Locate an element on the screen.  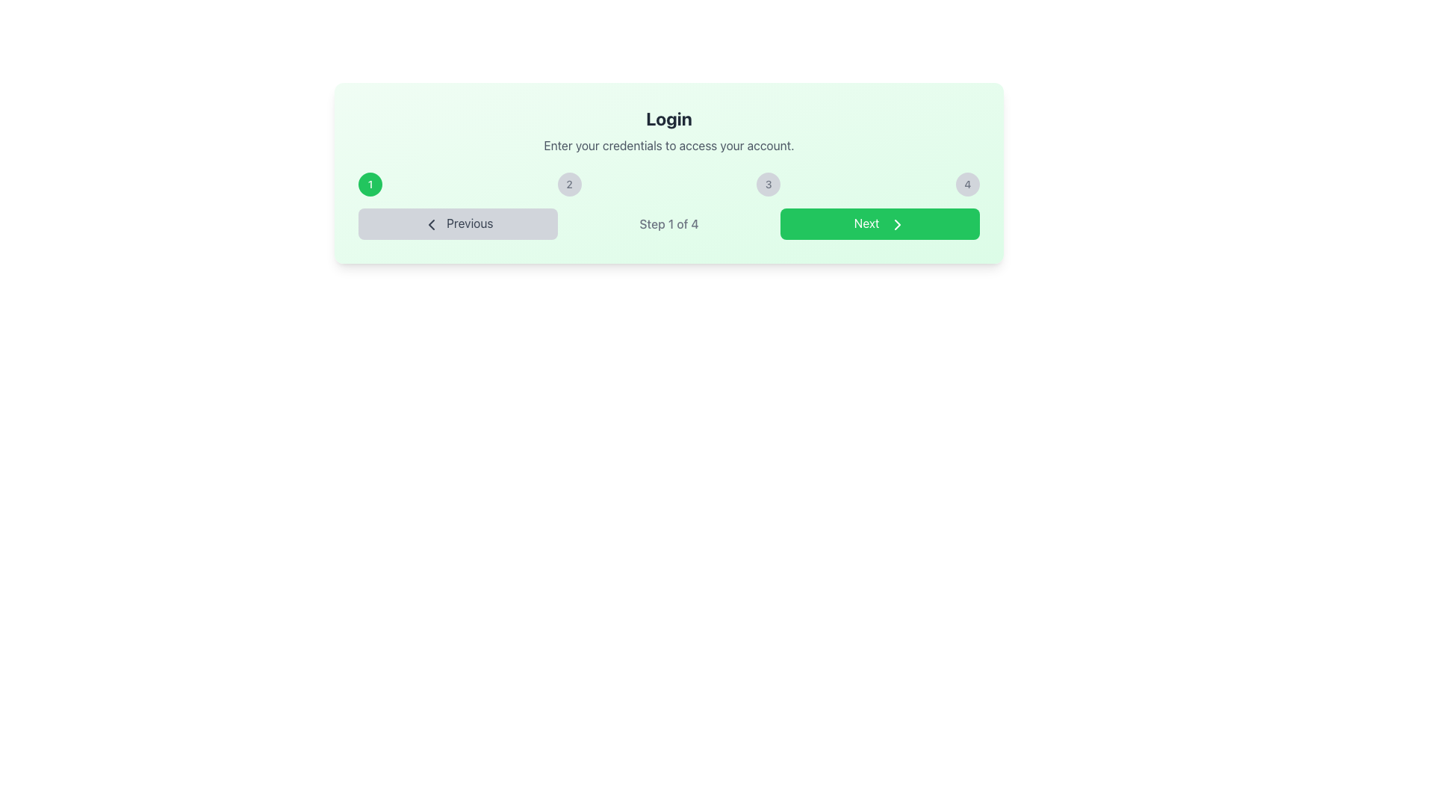
the first numerical button in a sequence of four that represents the first step in a process is located at coordinates (370, 183).